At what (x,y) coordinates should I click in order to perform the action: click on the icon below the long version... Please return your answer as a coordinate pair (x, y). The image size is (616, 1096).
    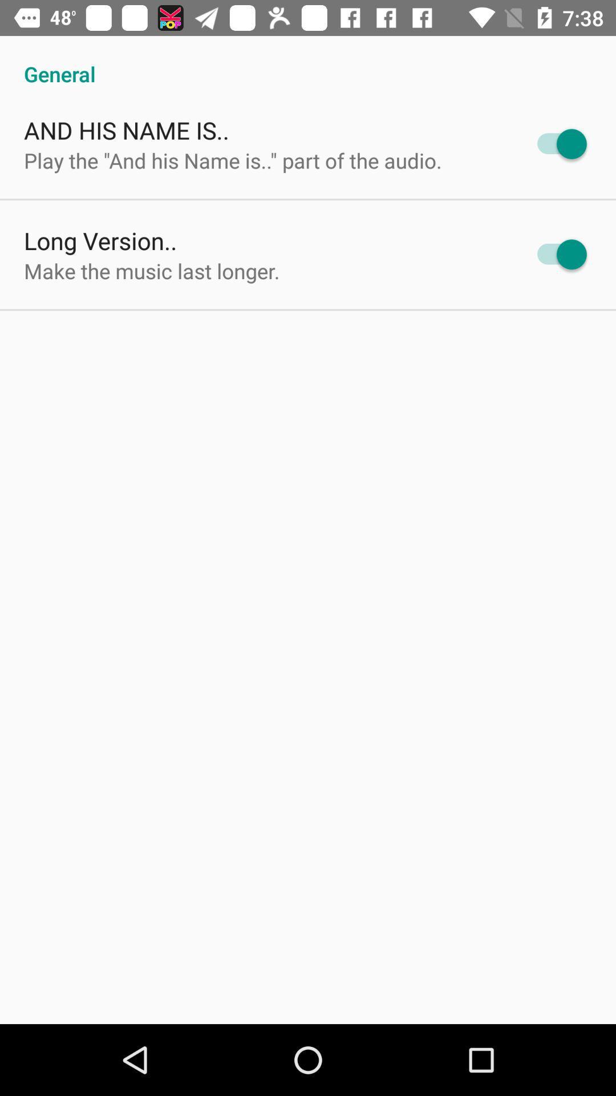
    Looking at the image, I should click on (151, 270).